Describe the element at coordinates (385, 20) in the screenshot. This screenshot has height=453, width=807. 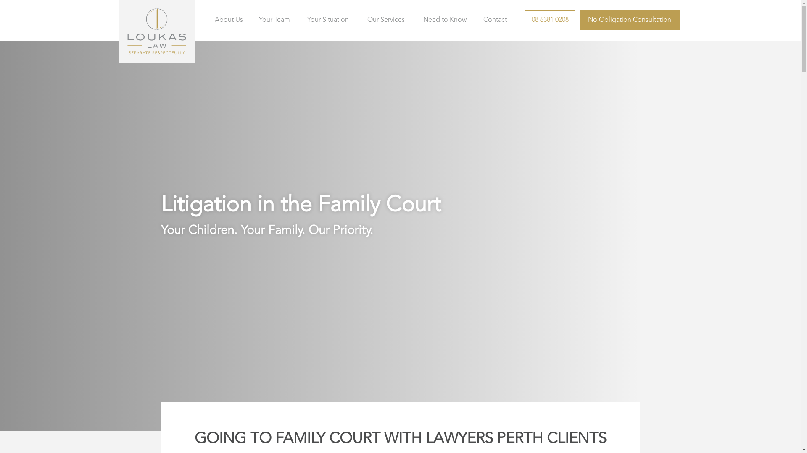
I see `'Our Services'` at that location.